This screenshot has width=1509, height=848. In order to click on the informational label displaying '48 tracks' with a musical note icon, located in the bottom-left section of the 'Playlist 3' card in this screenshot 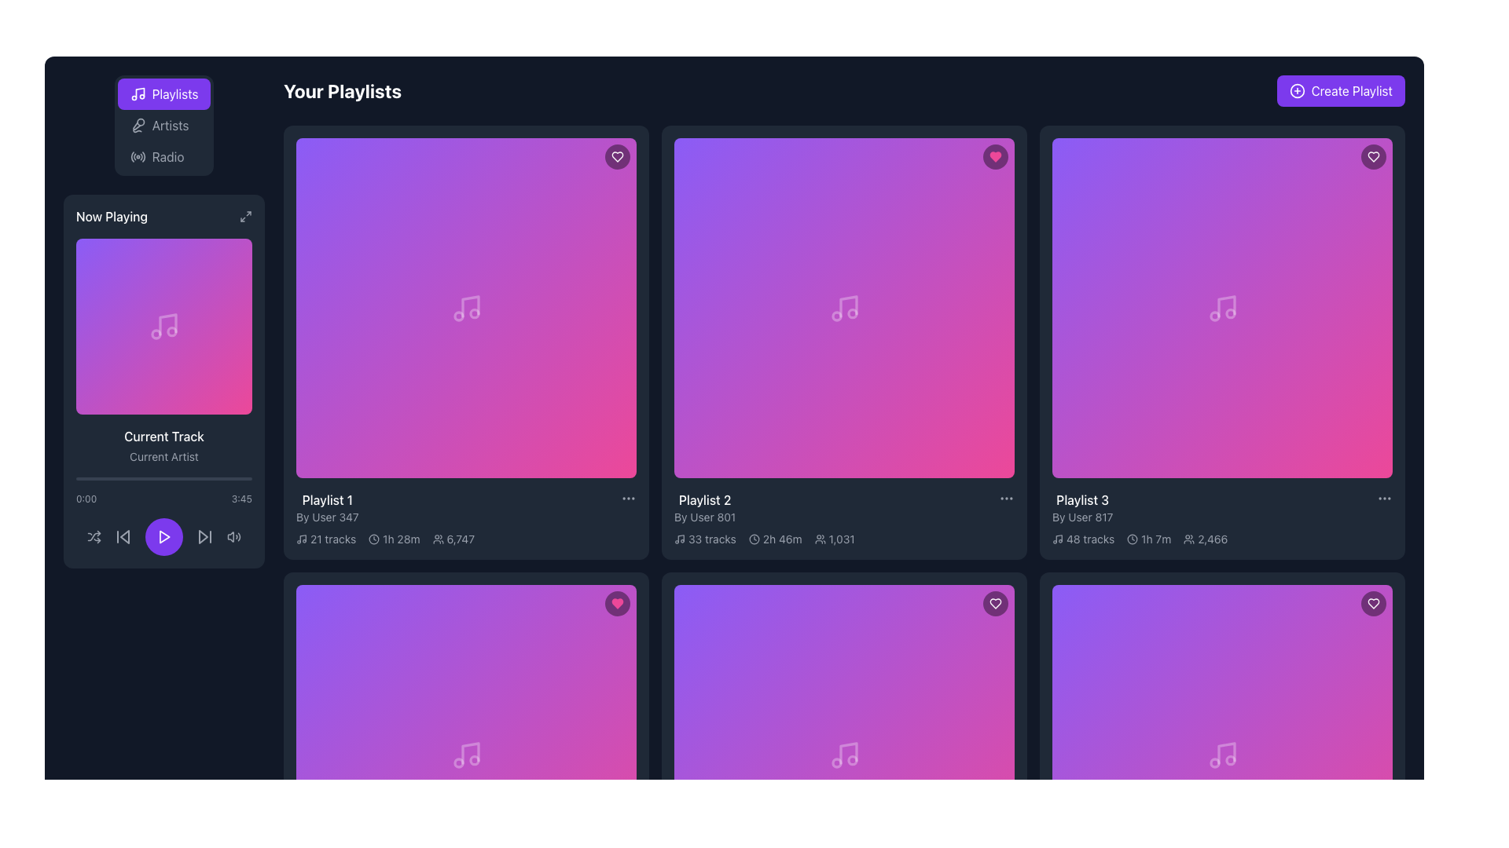, I will do `click(1082, 538)`.